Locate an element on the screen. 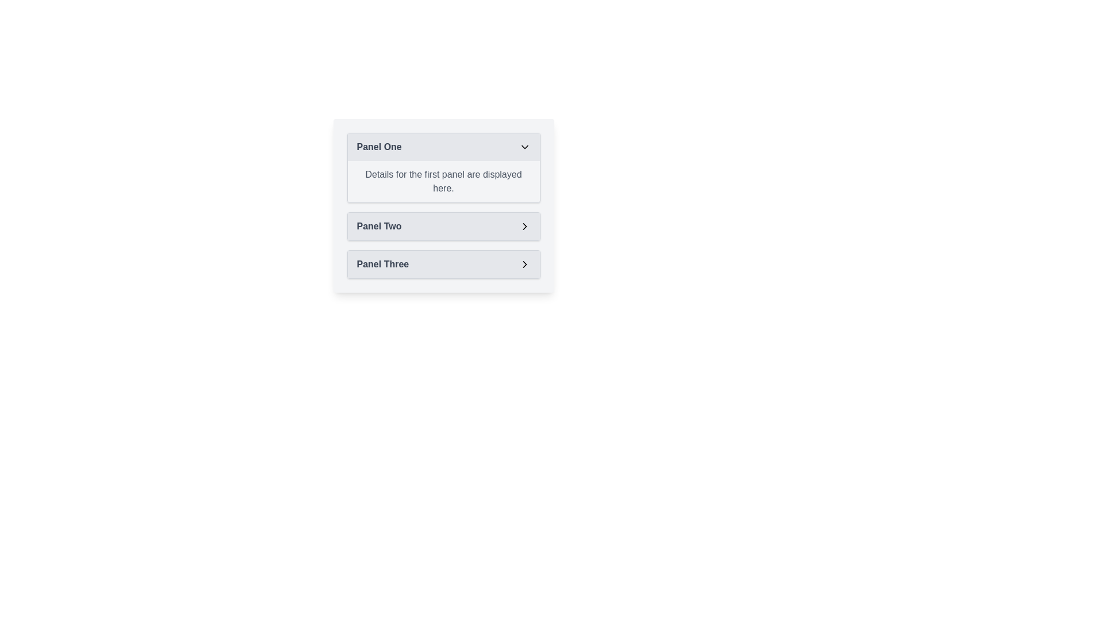 Image resolution: width=1104 pixels, height=621 pixels. the 'Panel Two' button in the panel selector interface is located at coordinates (443, 226).